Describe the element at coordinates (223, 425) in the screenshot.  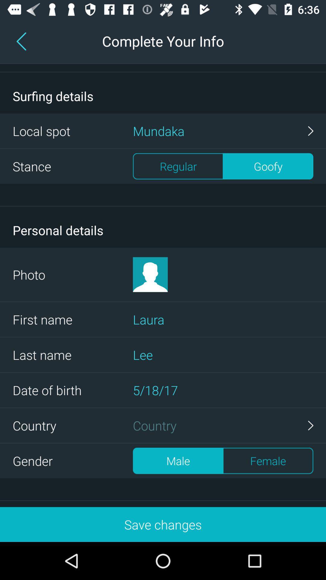
I see `set your country` at that location.